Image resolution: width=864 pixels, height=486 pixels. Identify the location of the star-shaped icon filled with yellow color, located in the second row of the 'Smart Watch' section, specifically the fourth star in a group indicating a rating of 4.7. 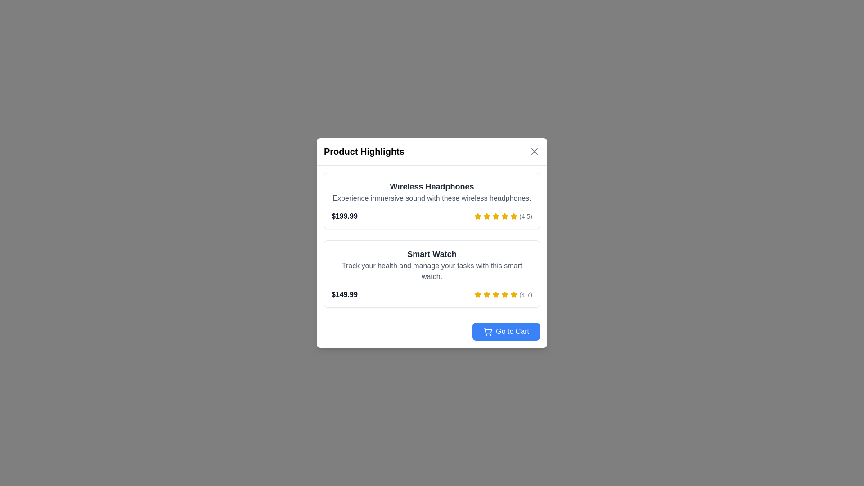
(495, 294).